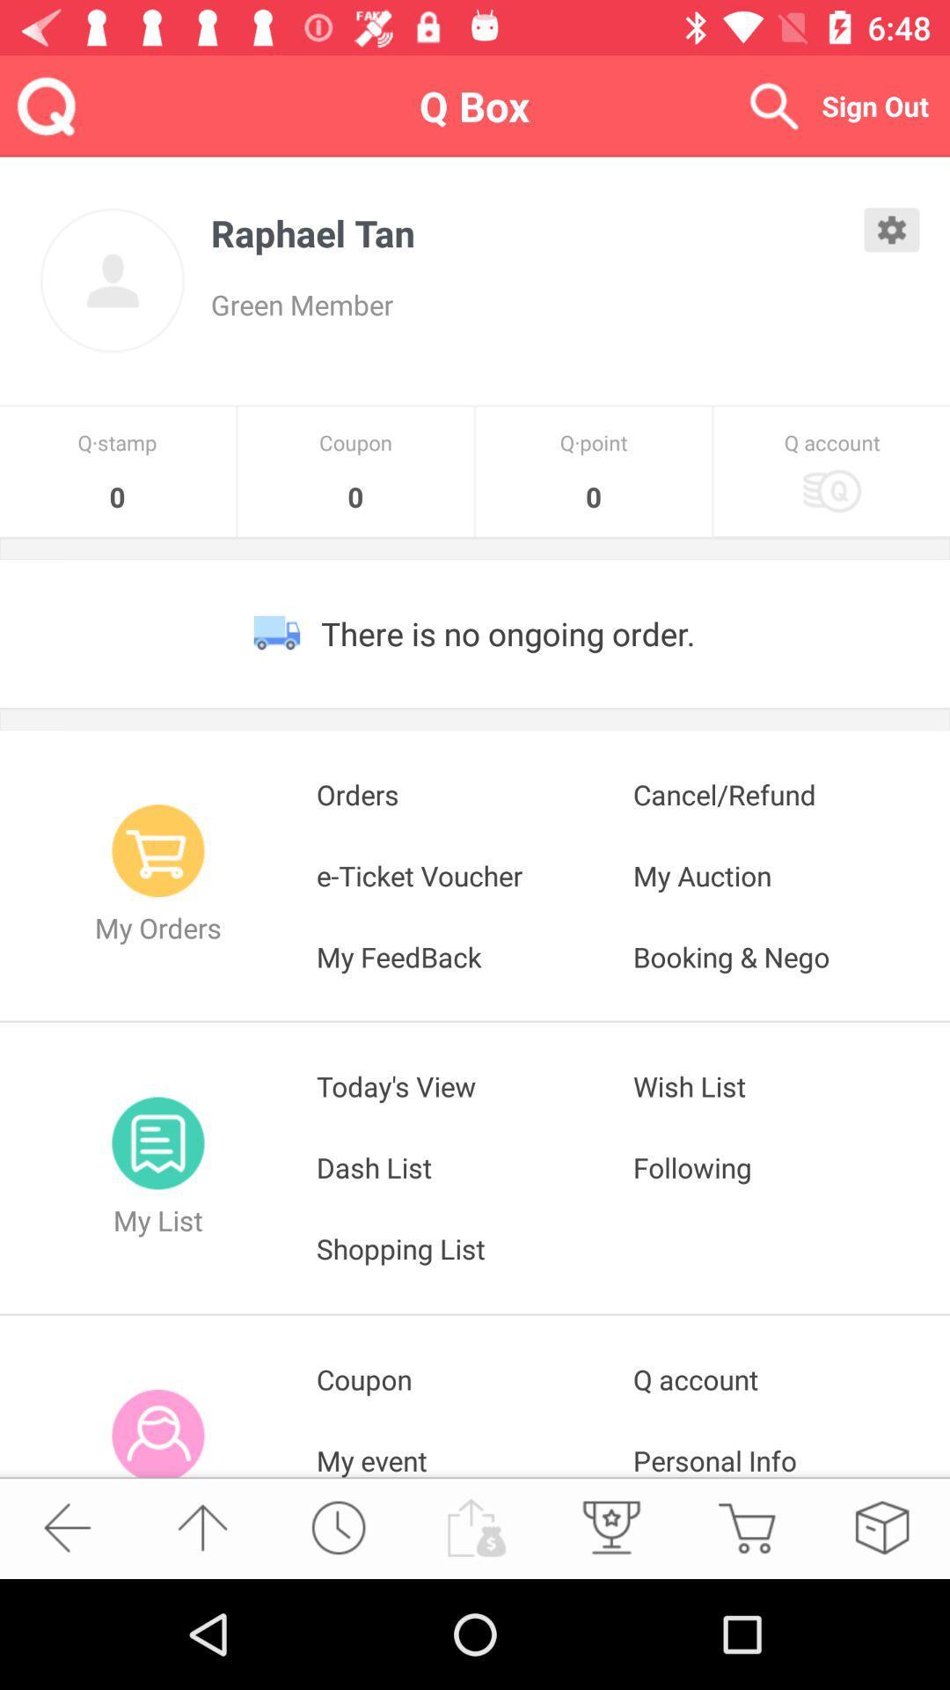 Image resolution: width=950 pixels, height=1690 pixels. What do you see at coordinates (790, 875) in the screenshot?
I see `the icon above the my feedback item` at bounding box center [790, 875].